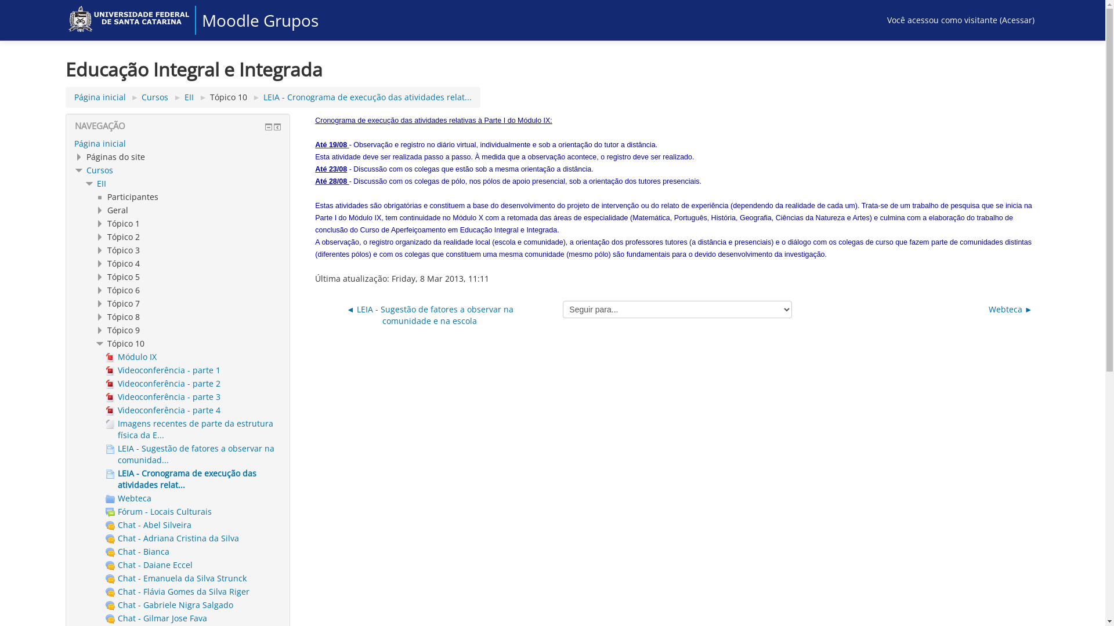 The image size is (1114, 626). I want to click on 'Chat - Daiane Eccel', so click(149, 564).